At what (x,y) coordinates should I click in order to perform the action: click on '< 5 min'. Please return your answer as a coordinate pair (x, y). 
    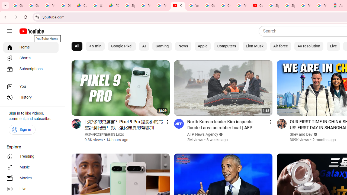
    Looking at the image, I should click on (95, 46).